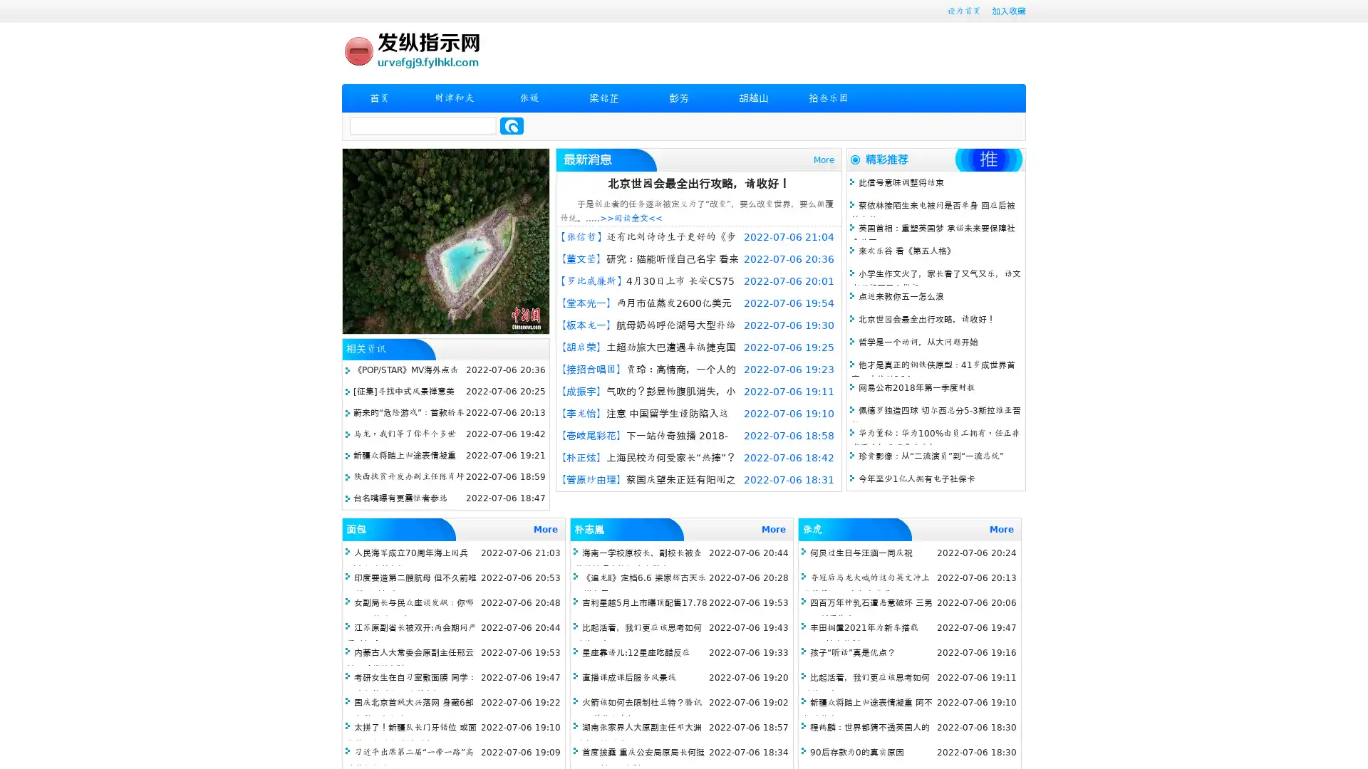  I want to click on Search, so click(512, 125).